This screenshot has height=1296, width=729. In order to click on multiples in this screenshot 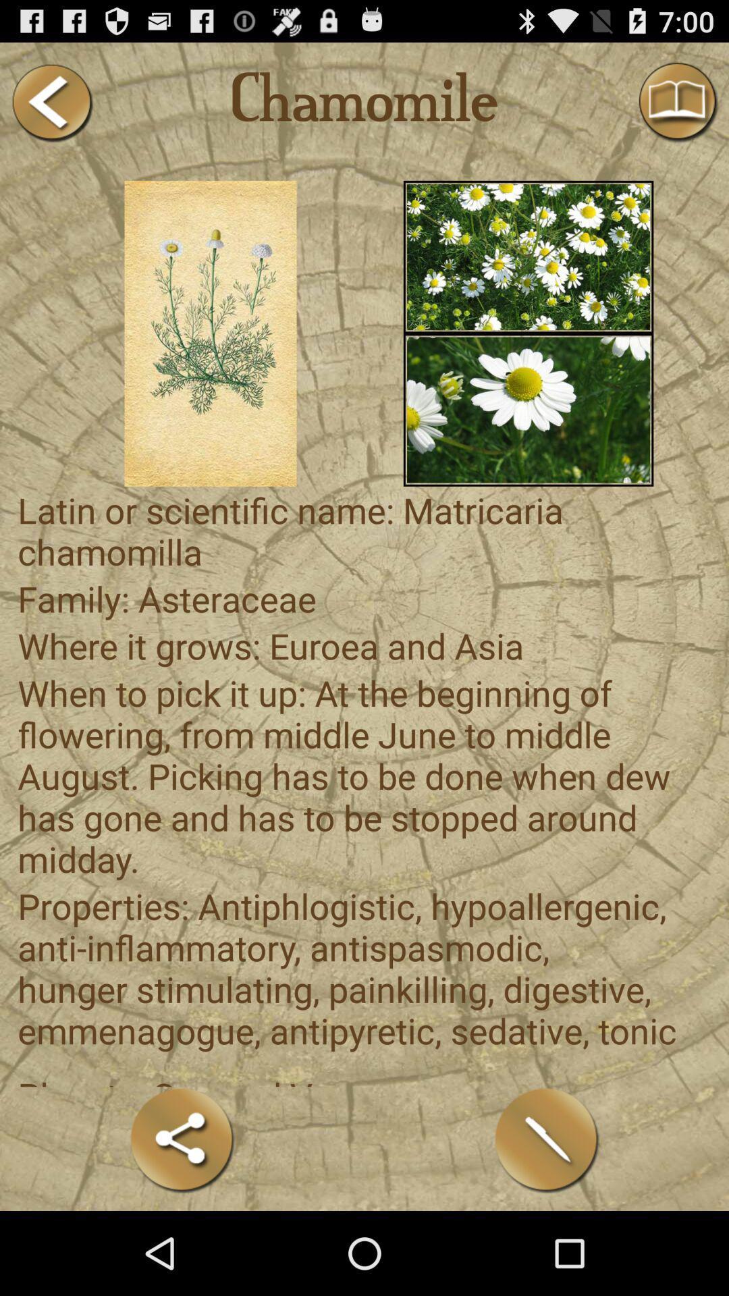, I will do `click(528, 256)`.